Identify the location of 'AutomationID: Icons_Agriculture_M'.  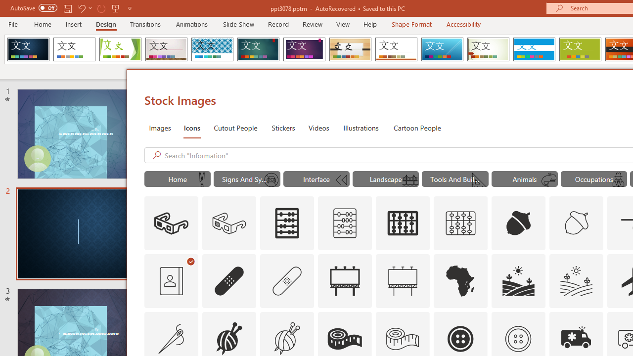
(577, 281).